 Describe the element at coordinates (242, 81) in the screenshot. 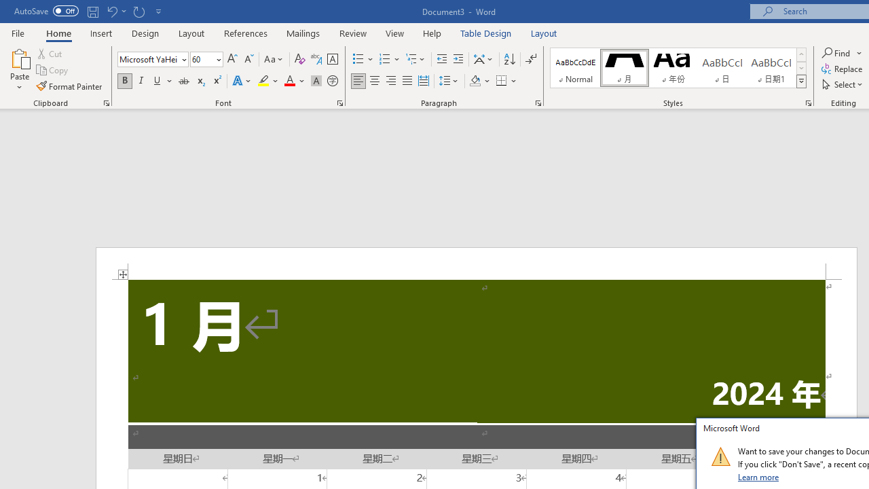

I see `'Text Effects and Typography'` at that location.